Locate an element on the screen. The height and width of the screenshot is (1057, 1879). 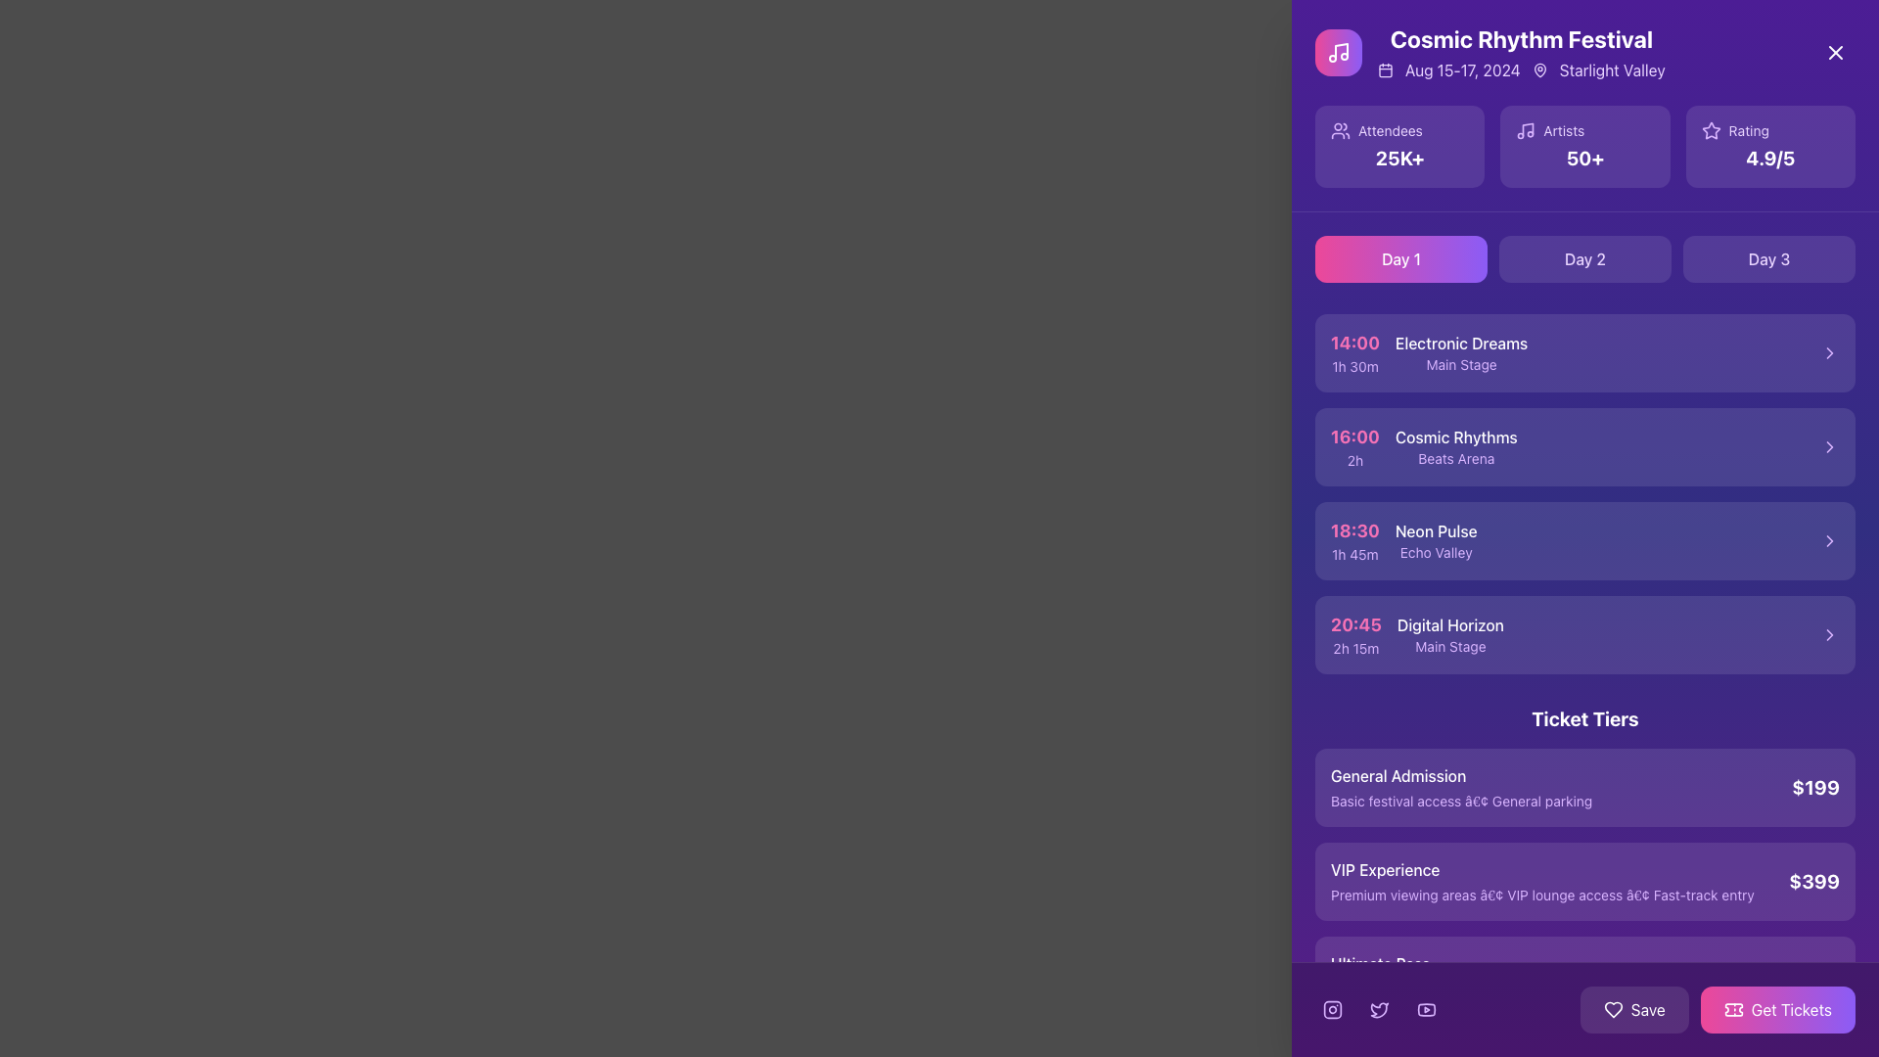
the third list item in the right panel that represents a schedule item, situated between 'Cosmic Rhythms' and 'Digital Horizon' is located at coordinates (1402, 540).